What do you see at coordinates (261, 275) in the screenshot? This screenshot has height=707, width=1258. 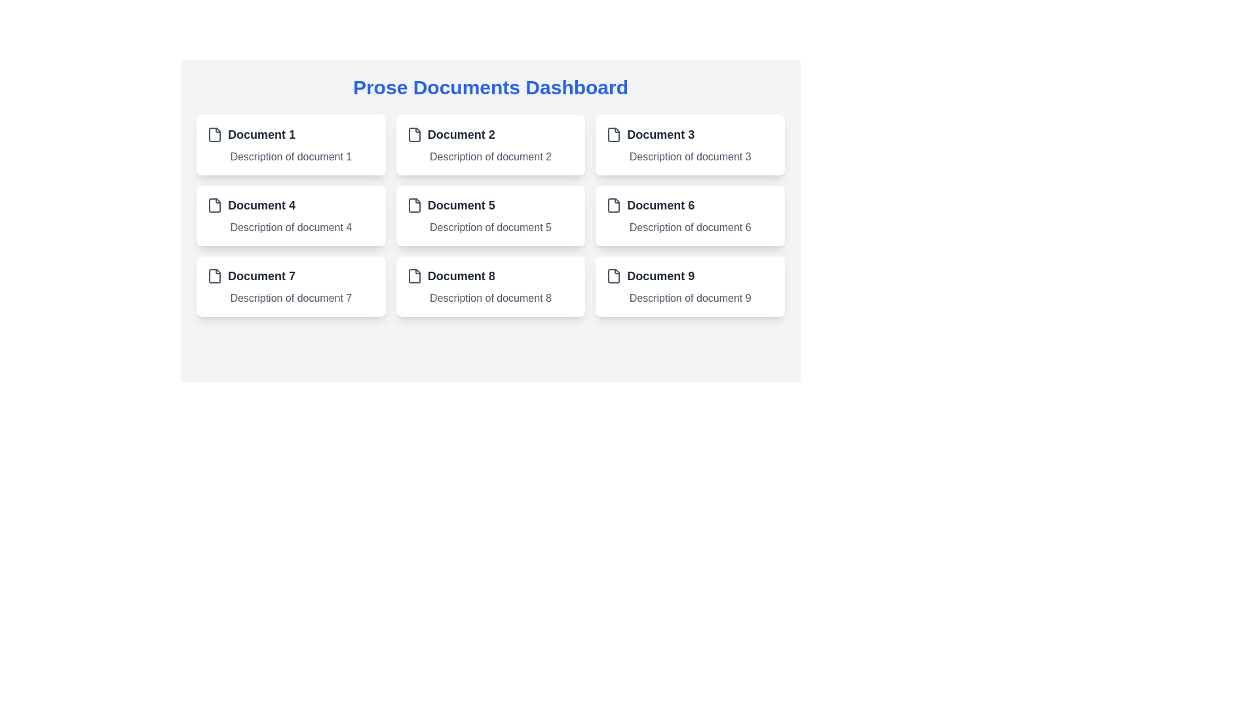 I see `the static text label displaying 'Document 7', which is styled with a bold font in dark gray color, located in the third row, first column of the card layout` at bounding box center [261, 275].